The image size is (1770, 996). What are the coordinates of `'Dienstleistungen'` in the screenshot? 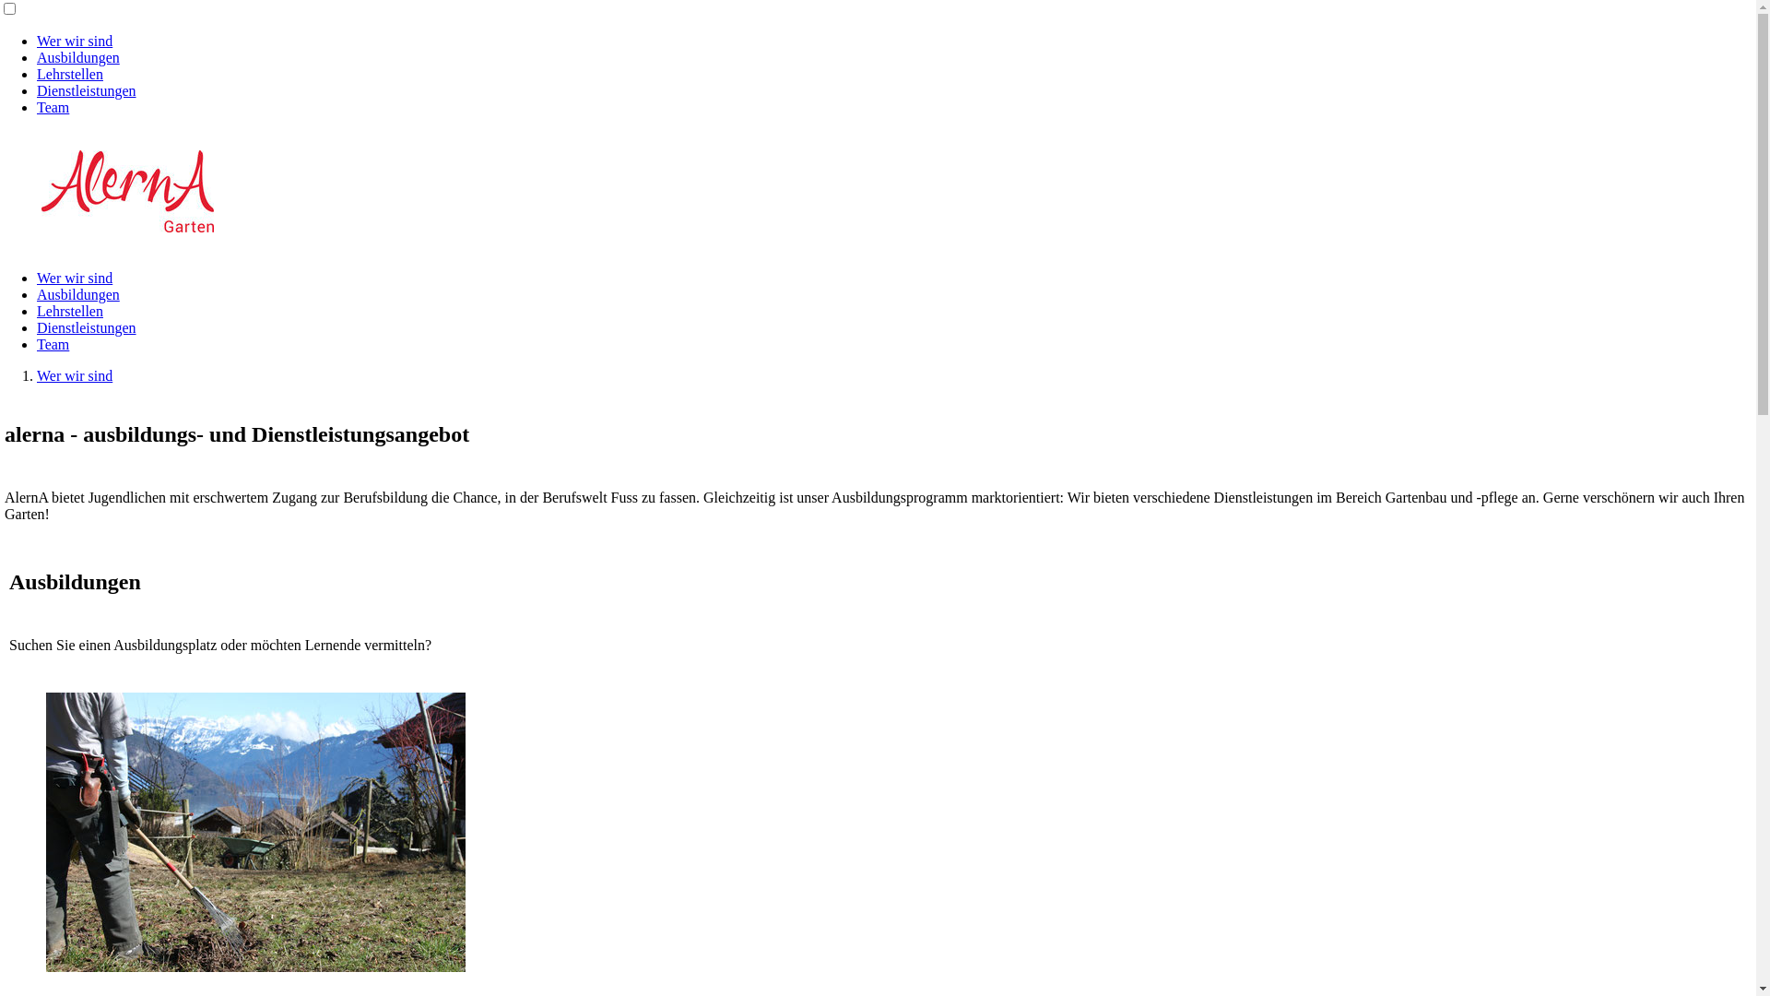 It's located at (86, 90).